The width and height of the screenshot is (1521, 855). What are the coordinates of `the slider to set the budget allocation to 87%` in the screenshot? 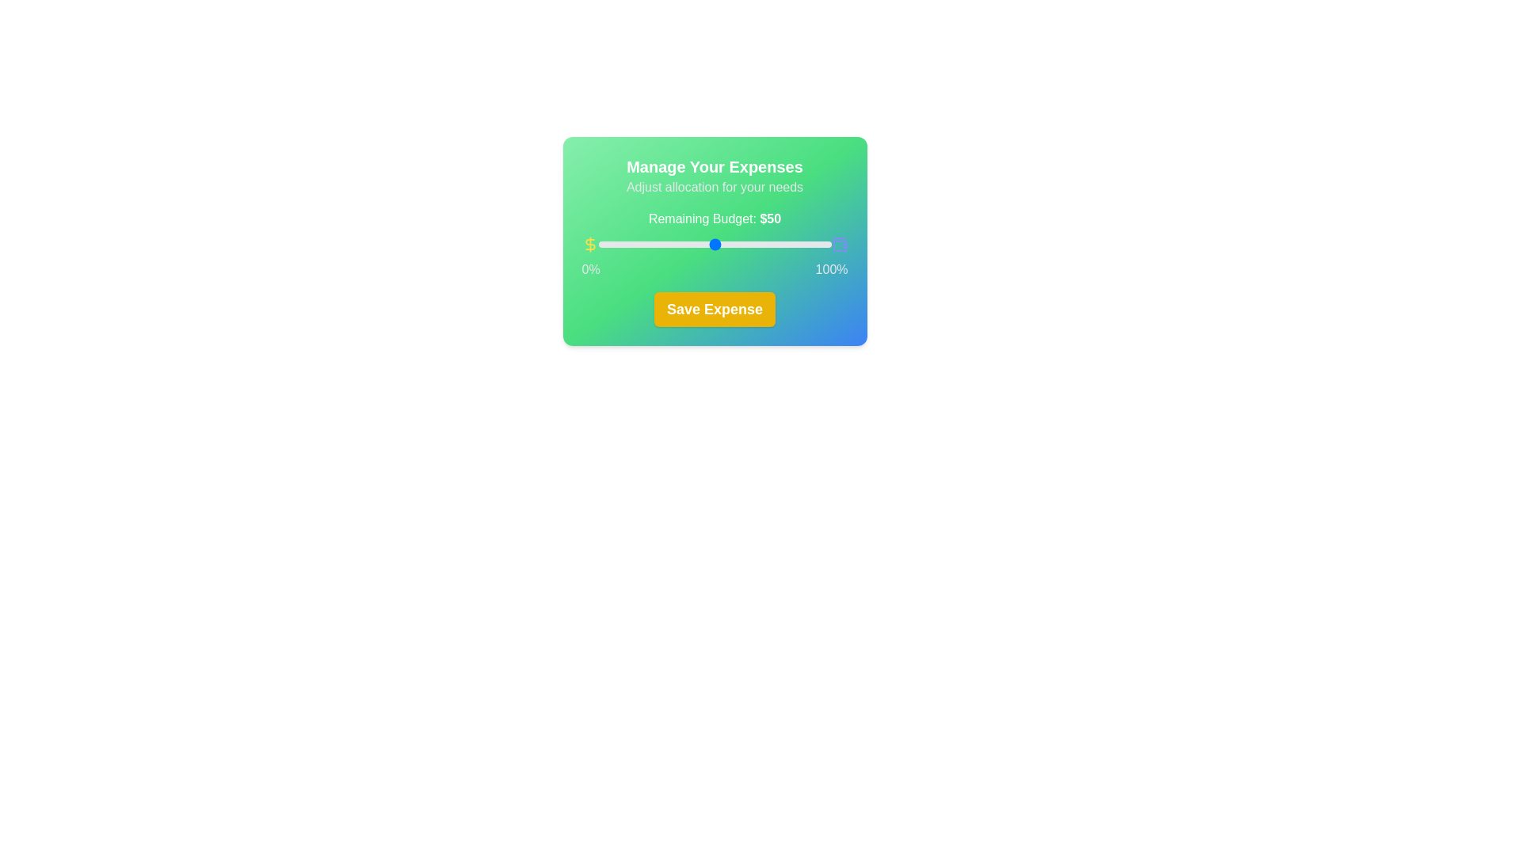 It's located at (801, 244).